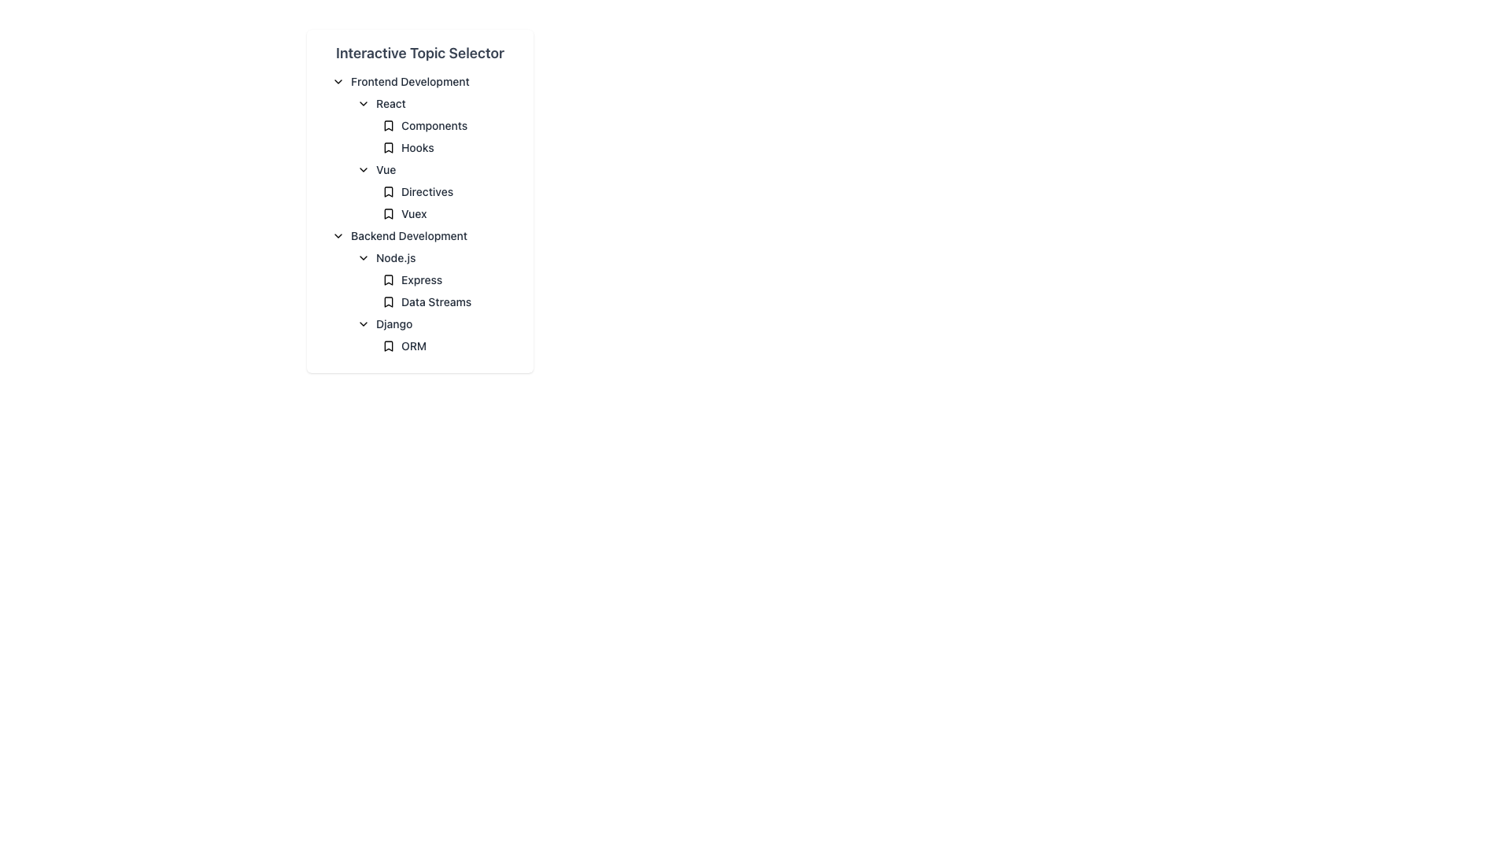 Image resolution: width=1511 pixels, height=850 pixels. Describe the element at coordinates (396, 257) in the screenshot. I see `the 'Node.js' text label displayed in medium-sized gray font within the dropdown menu under the 'Backend Development' section` at that location.